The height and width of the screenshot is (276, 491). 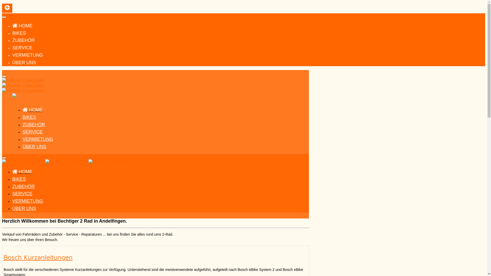 What do you see at coordinates (38, 257) in the screenshot?
I see `'Bosch Kurzanleitungen'` at bounding box center [38, 257].